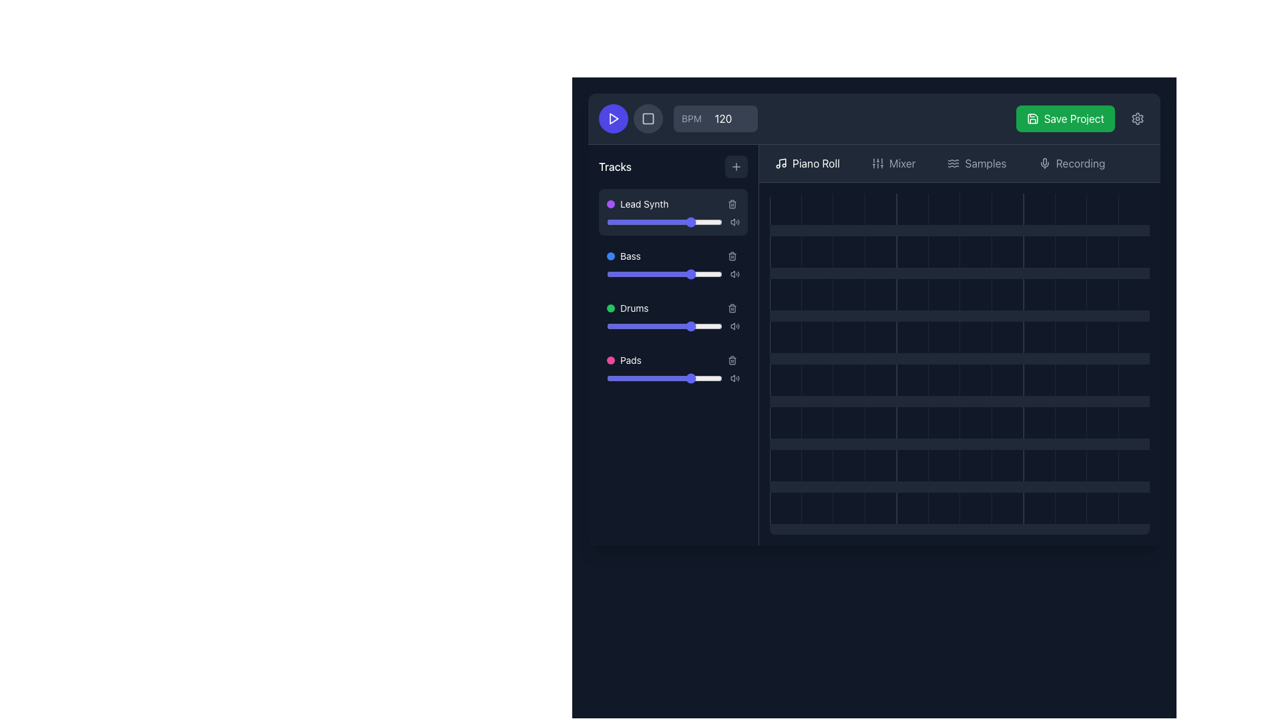  What do you see at coordinates (1070, 336) in the screenshot?
I see `the interactive grid cell located in the fourth row and tenth column of the grid layout` at bounding box center [1070, 336].